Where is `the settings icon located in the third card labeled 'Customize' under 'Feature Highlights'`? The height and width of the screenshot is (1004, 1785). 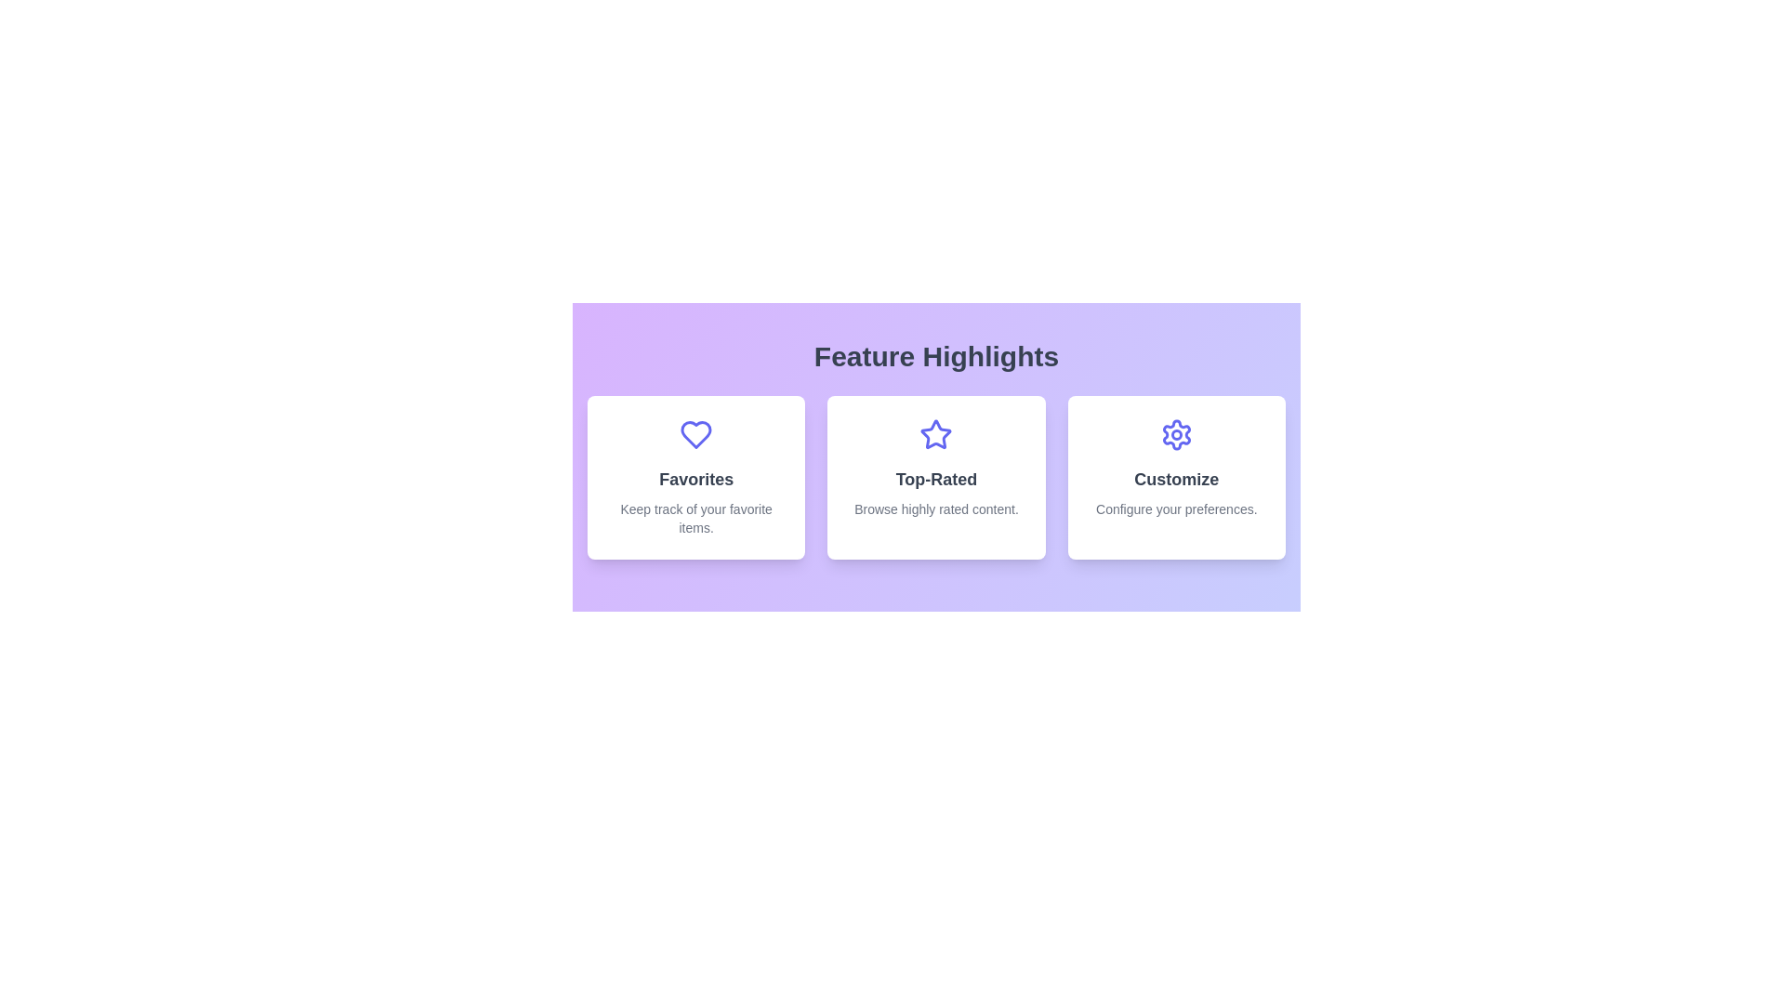 the settings icon located in the third card labeled 'Customize' under 'Feature Highlights' is located at coordinates (1175, 434).